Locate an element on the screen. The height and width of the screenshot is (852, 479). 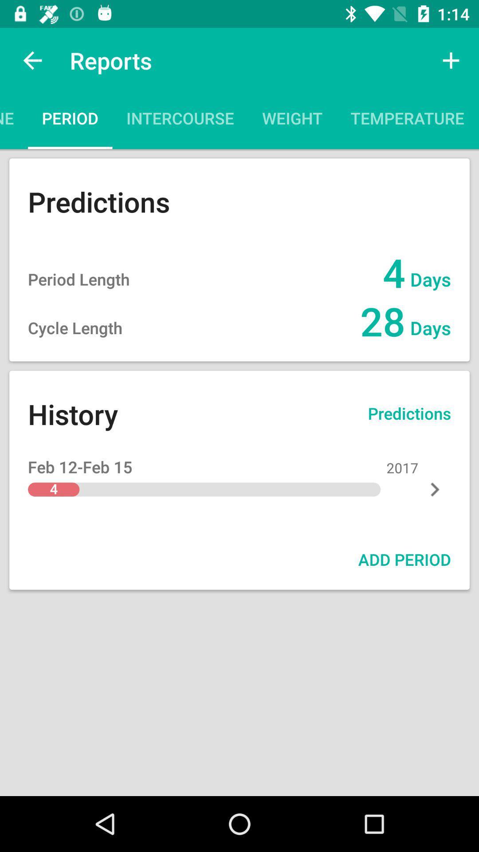
item next to the temperature icon is located at coordinates (292, 121).